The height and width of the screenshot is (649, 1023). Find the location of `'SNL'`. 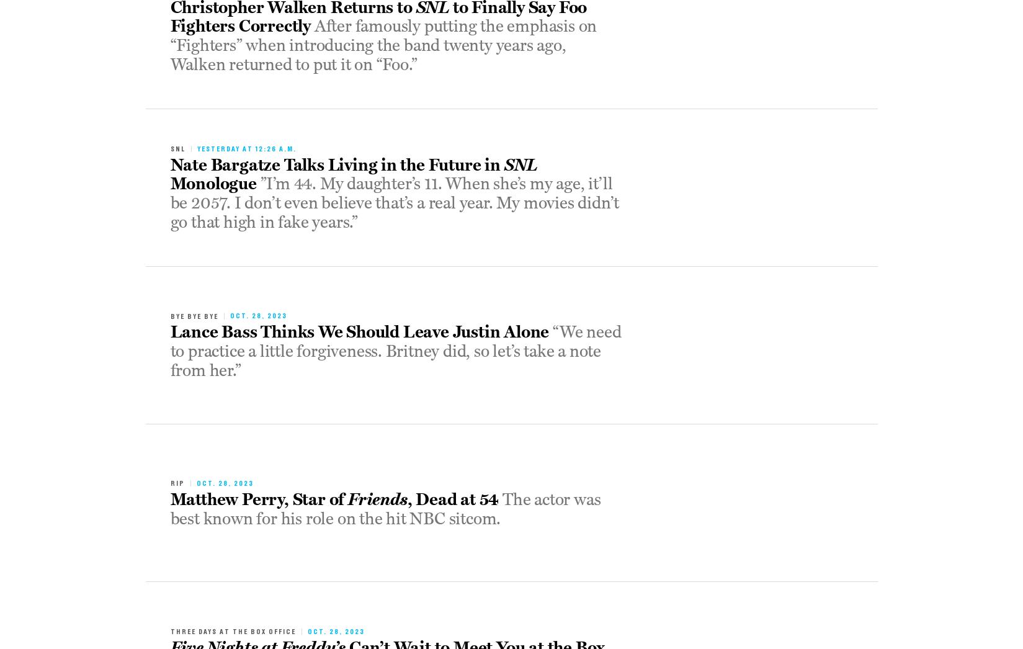

'SNL' is located at coordinates (520, 164).